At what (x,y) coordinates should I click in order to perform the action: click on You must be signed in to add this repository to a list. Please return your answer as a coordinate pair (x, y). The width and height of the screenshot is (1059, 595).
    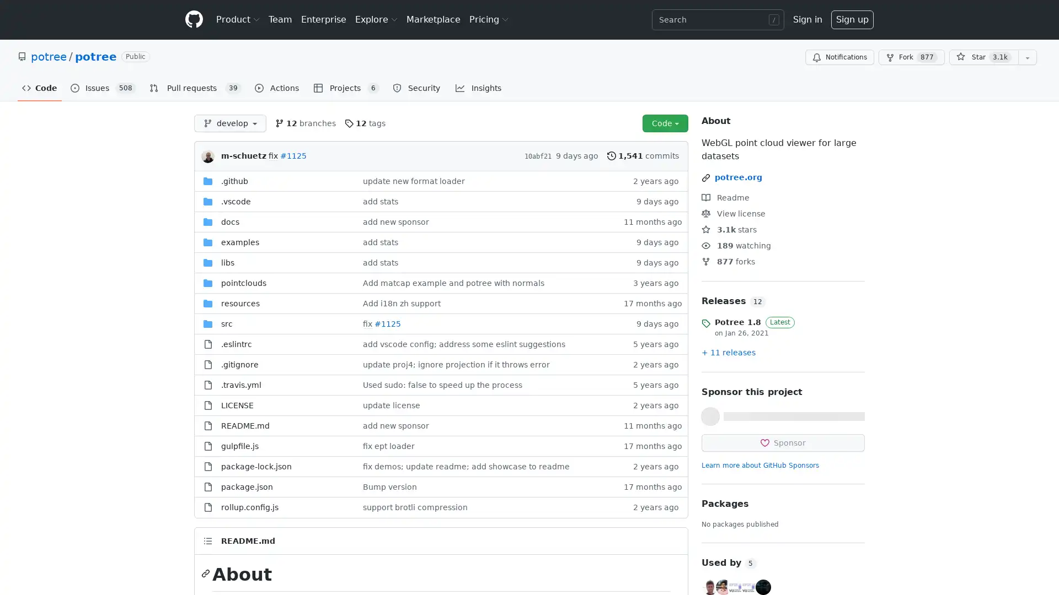
    Looking at the image, I should click on (1031, 57).